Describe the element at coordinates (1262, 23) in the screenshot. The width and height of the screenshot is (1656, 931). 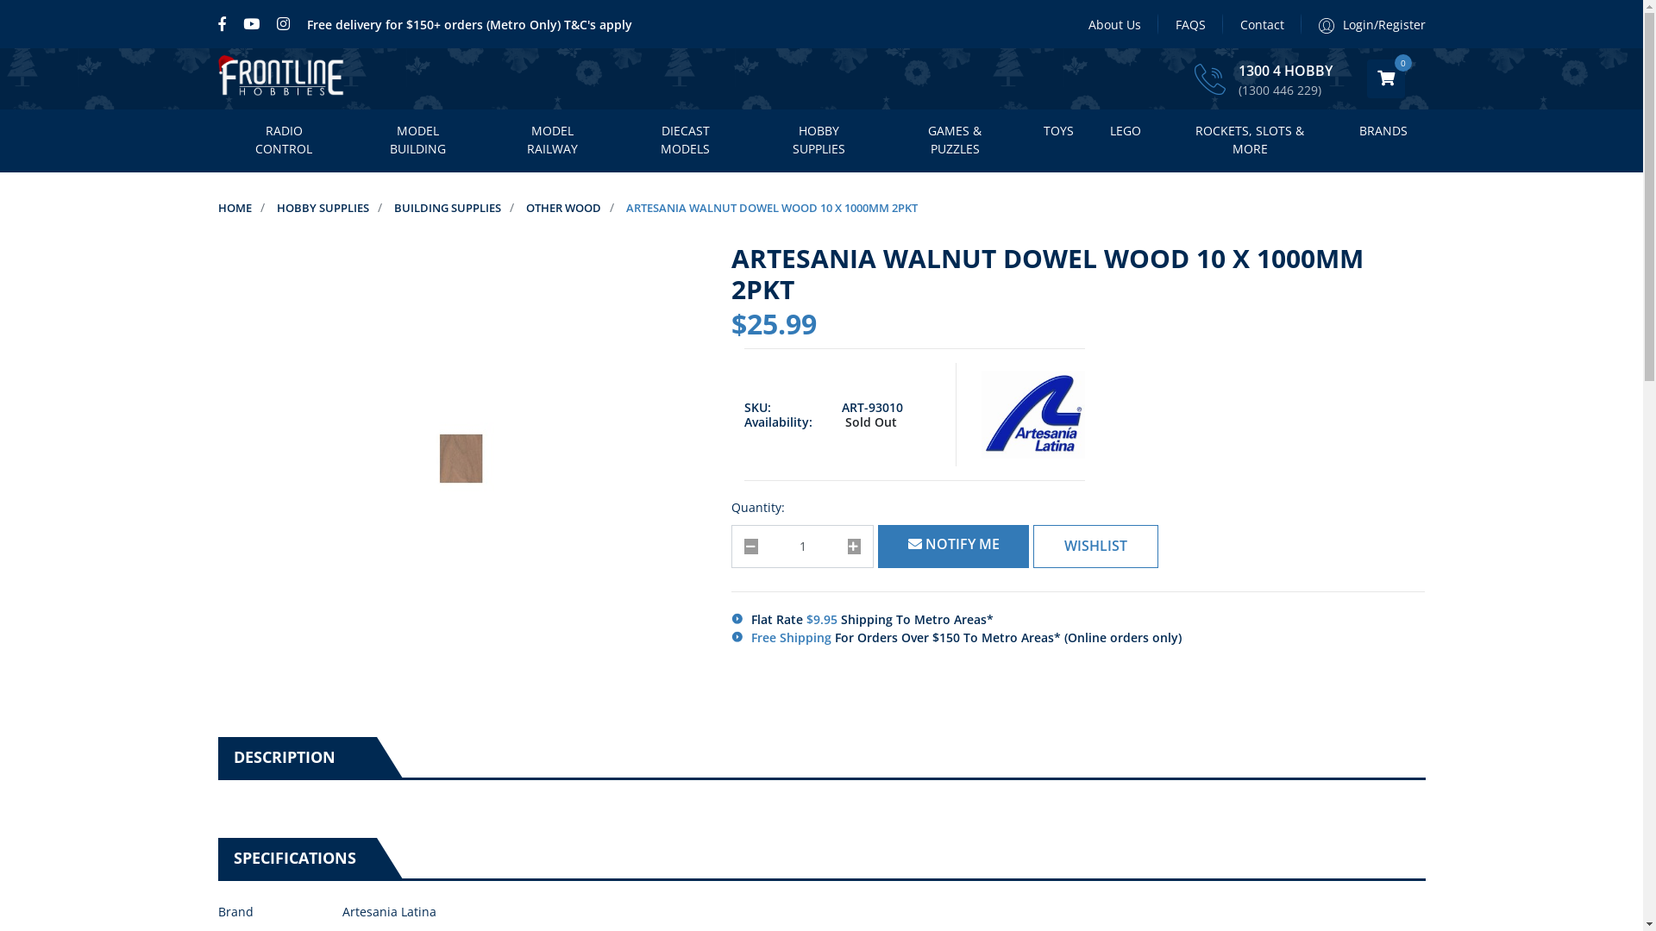
I see `'Contact'` at that location.